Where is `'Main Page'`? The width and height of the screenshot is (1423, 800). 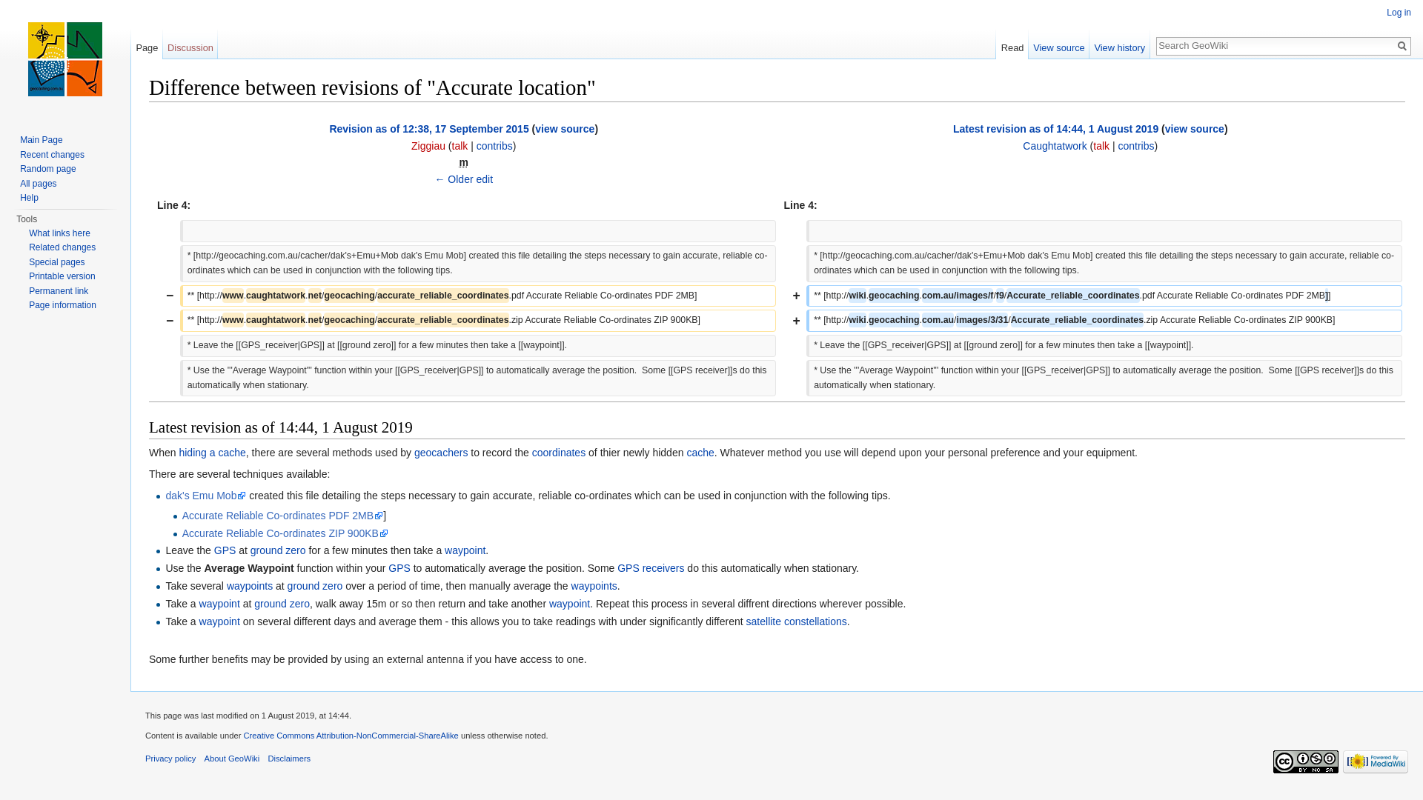
'Main Page' is located at coordinates (41, 140).